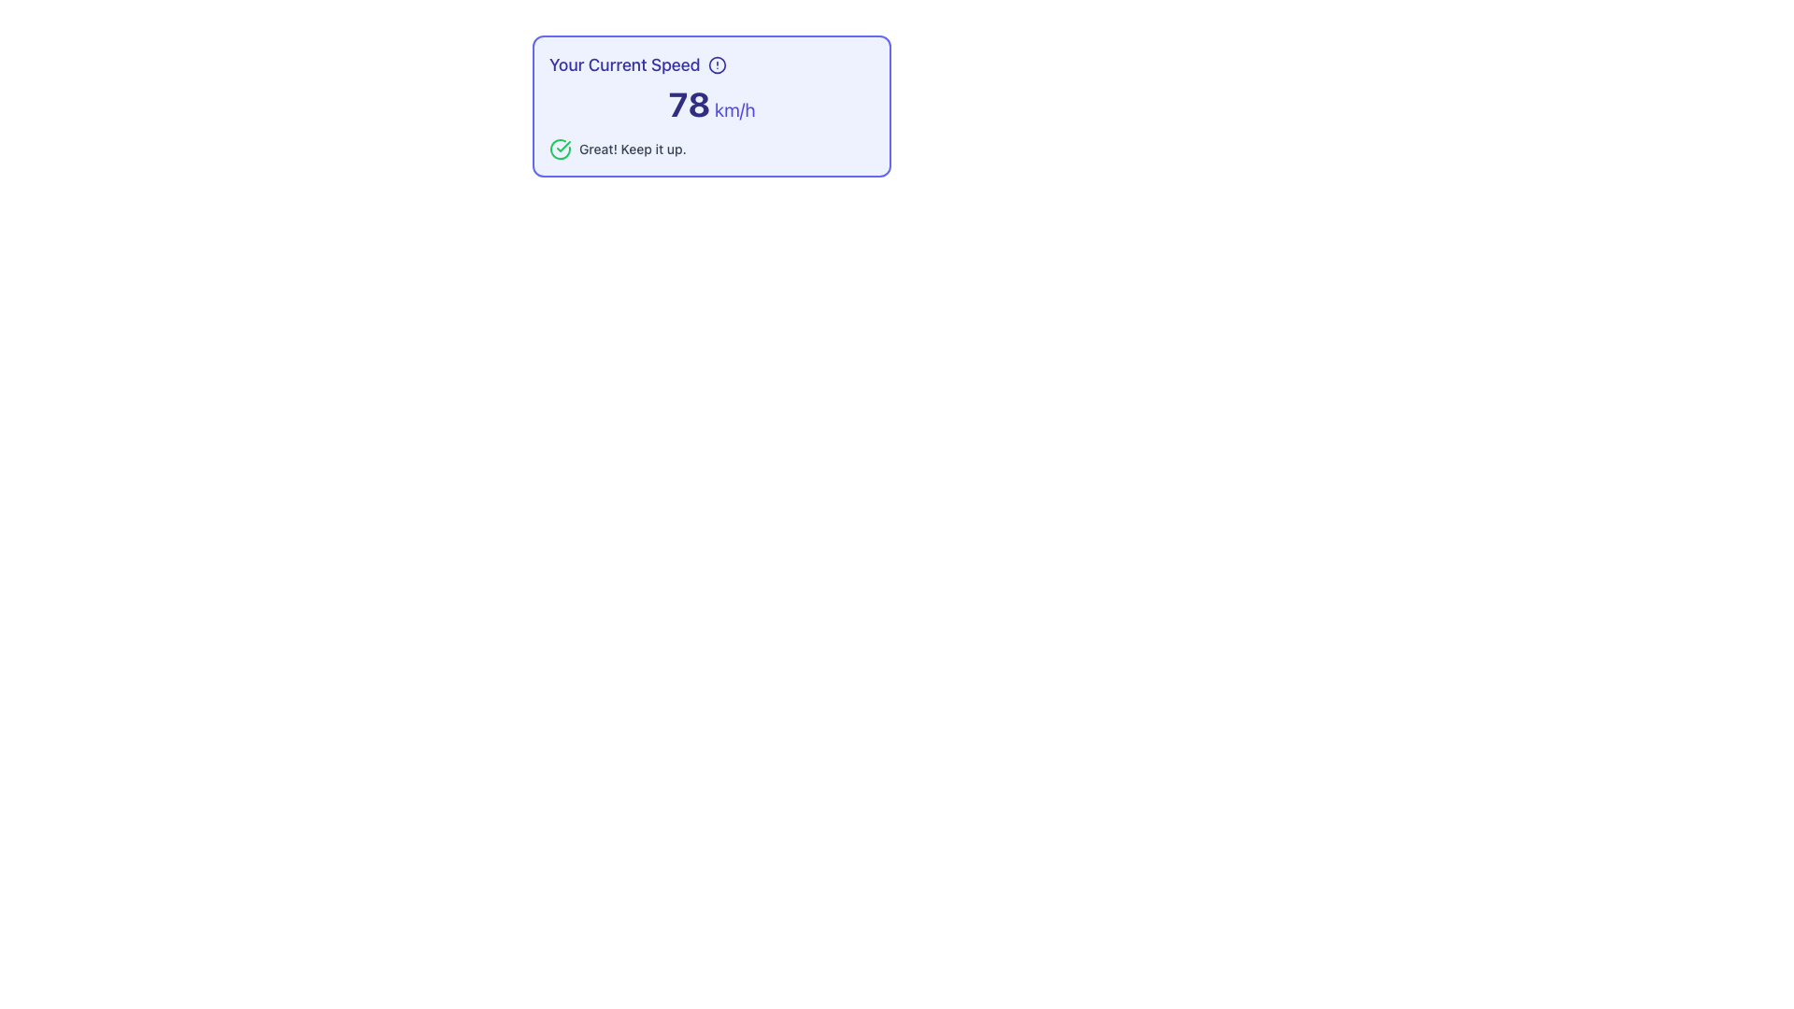 Image resolution: width=1794 pixels, height=1009 pixels. Describe the element at coordinates (633, 148) in the screenshot. I see `the textual feedback message located in the bottom-left portion of the card displaying speed information` at that location.